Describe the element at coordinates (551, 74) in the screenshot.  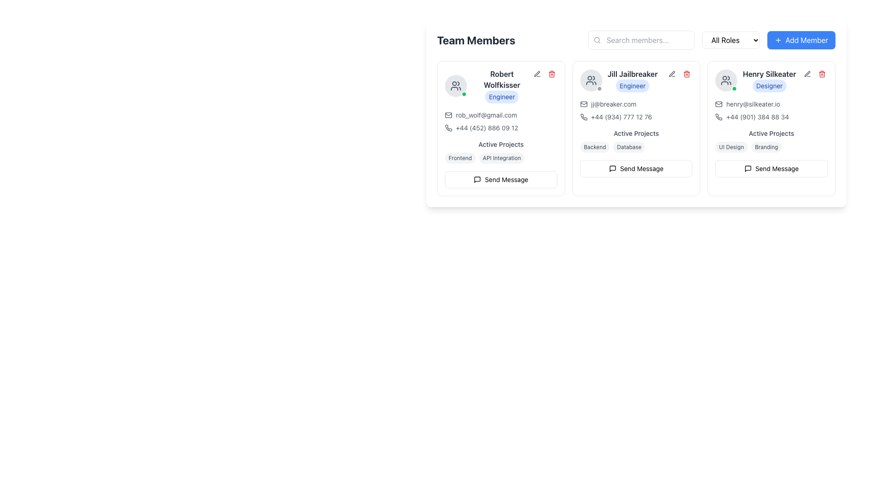
I see `the red trash bin icon located at the top-right corner of the card displaying 'Robert Wolfkisser'` at that location.